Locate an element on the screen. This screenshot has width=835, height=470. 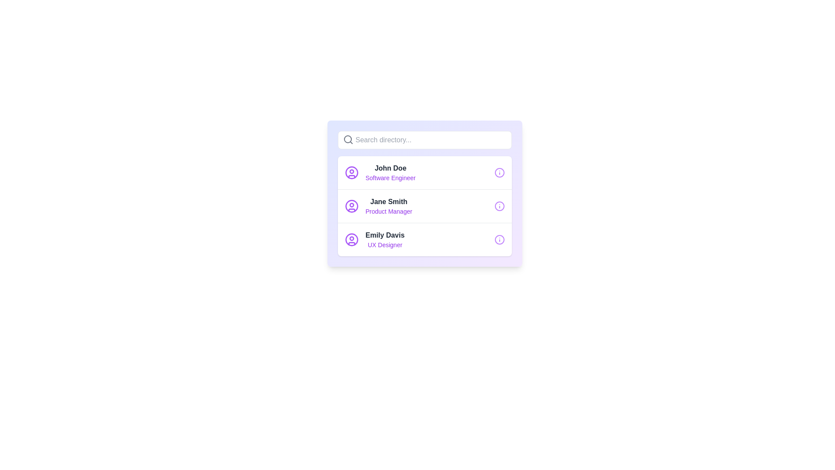
text label displaying 'Product Manager', which is located under the name 'Jane Smith' in the directory interface is located at coordinates (388, 211).